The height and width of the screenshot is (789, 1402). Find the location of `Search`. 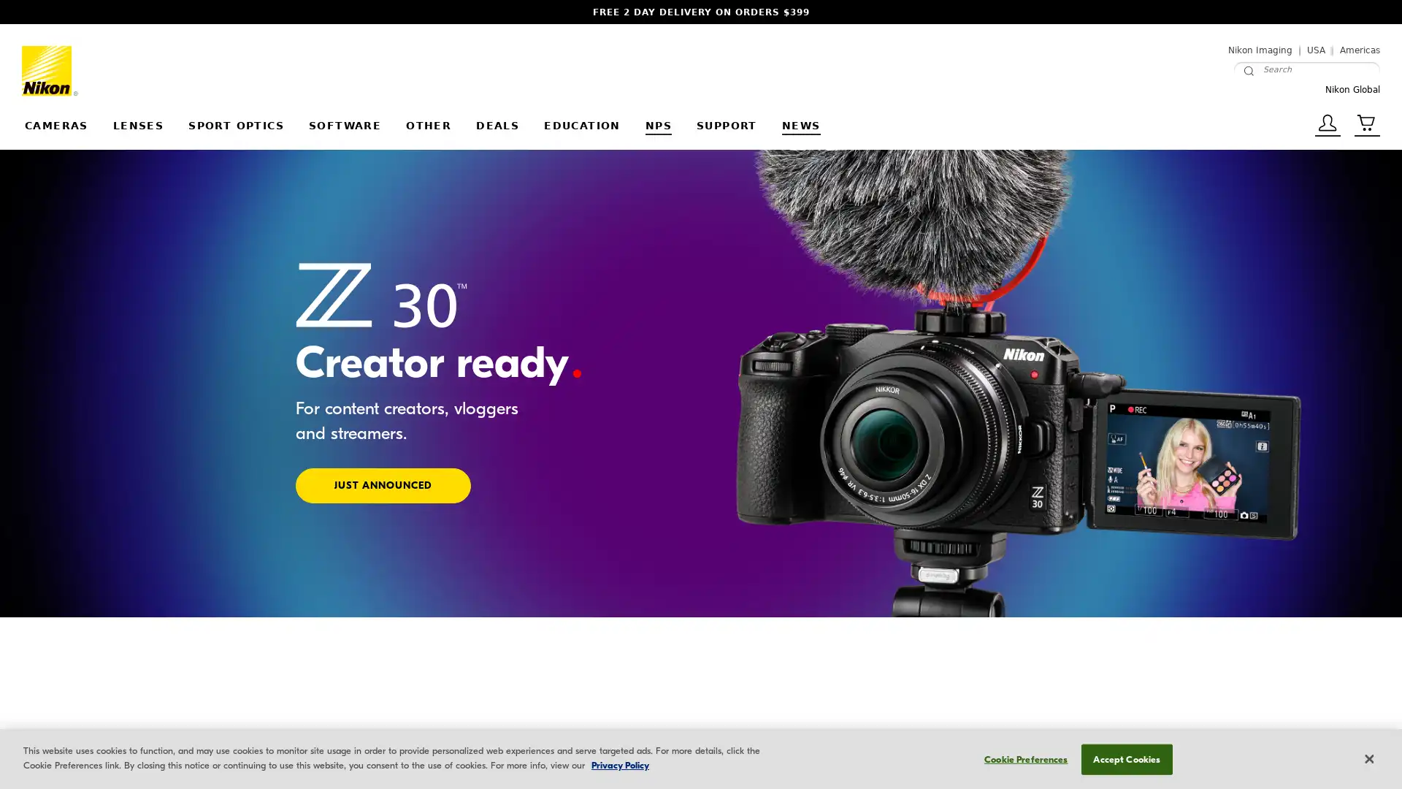

Search is located at coordinates (1247, 70).